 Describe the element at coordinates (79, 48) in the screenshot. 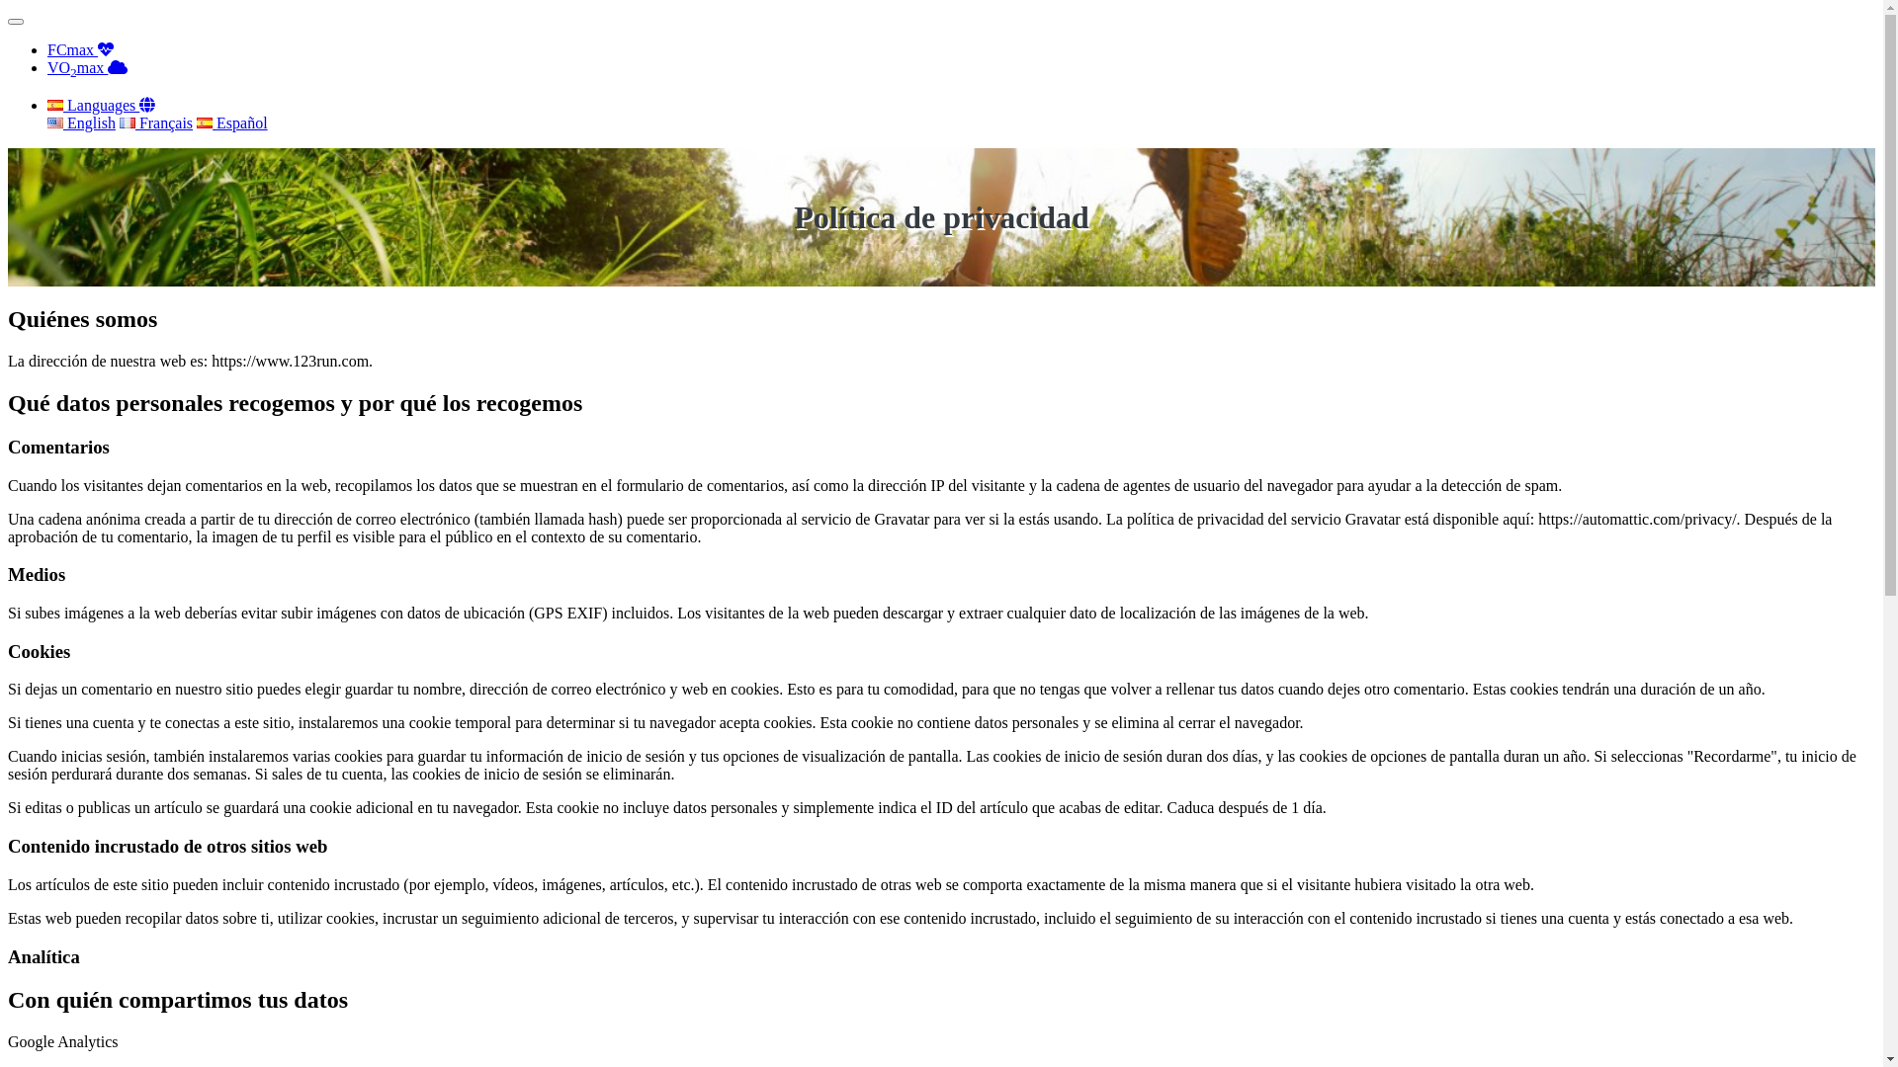

I see `'FCmax'` at that location.